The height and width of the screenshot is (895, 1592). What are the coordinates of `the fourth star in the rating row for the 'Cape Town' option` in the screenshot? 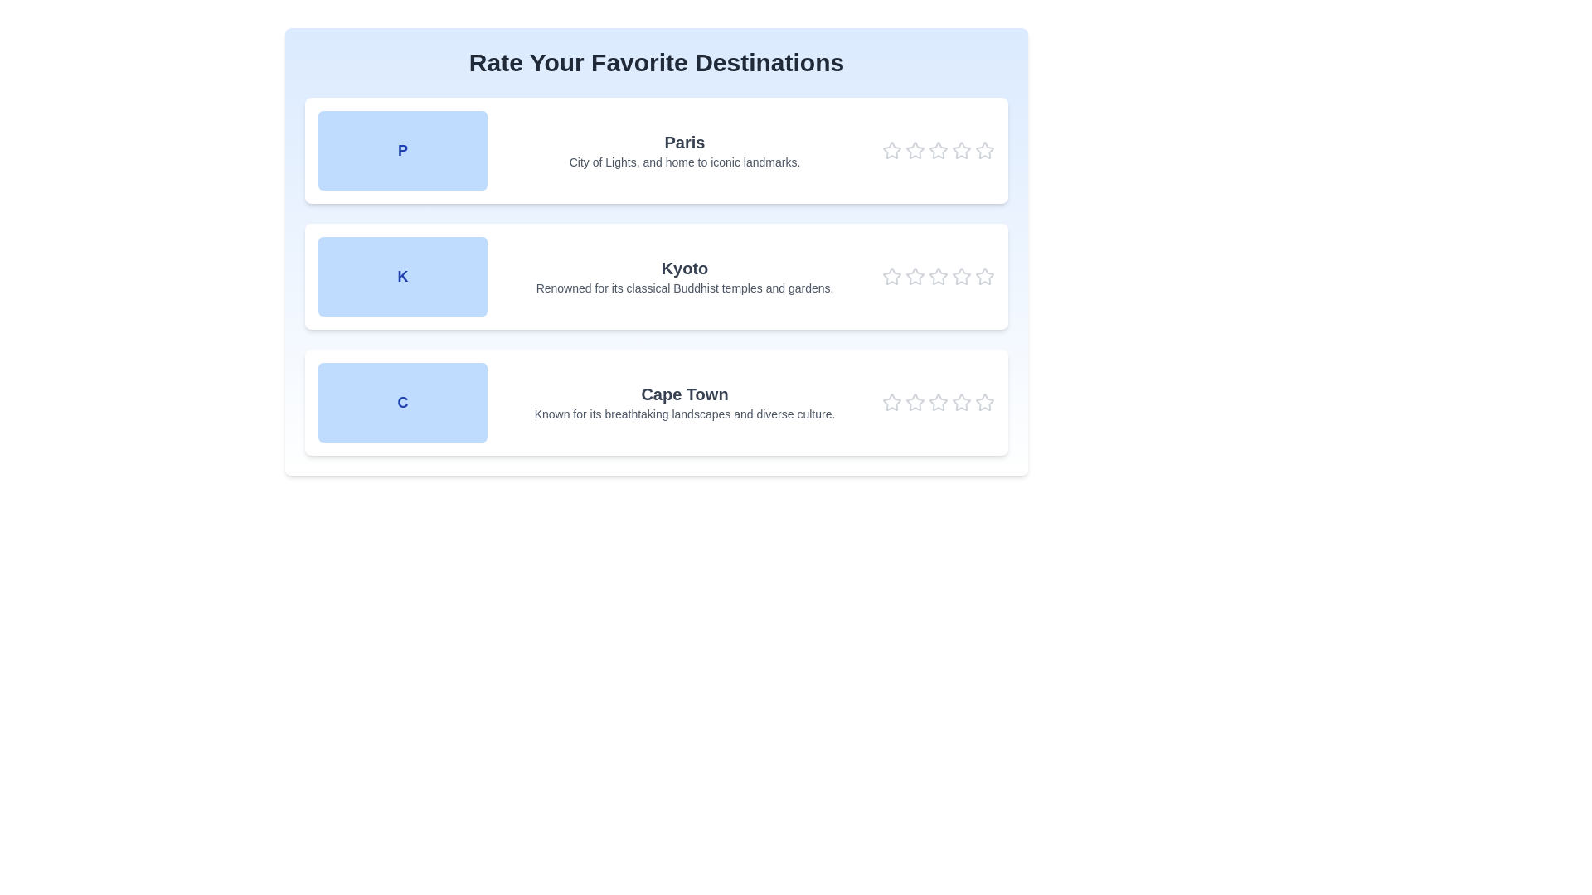 It's located at (939, 403).